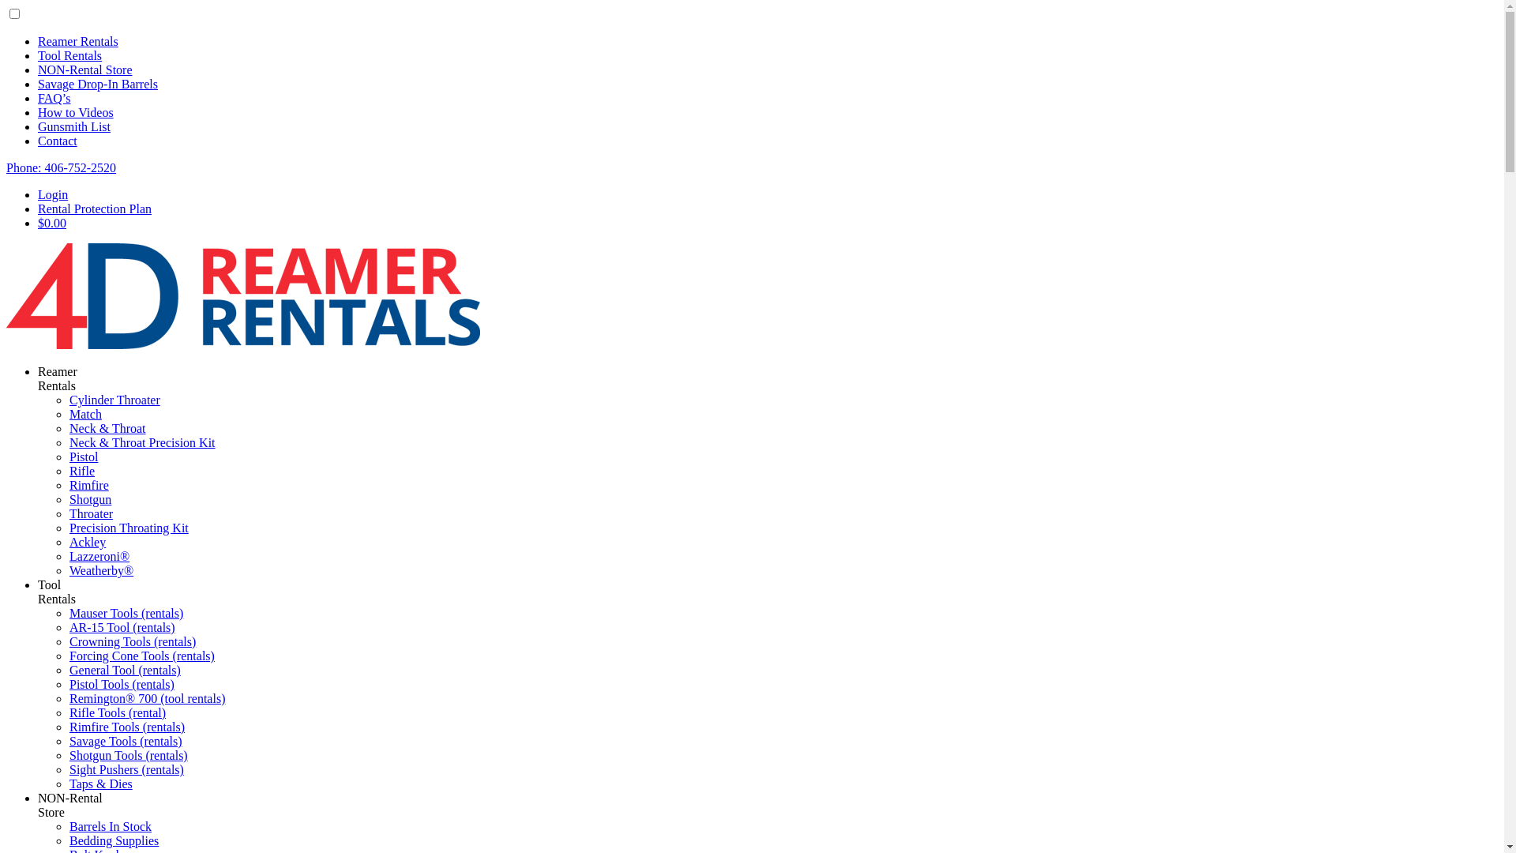 The width and height of the screenshot is (1516, 853). Describe the element at coordinates (68, 727) in the screenshot. I see `'Rimfire Tools (rentals)'` at that location.